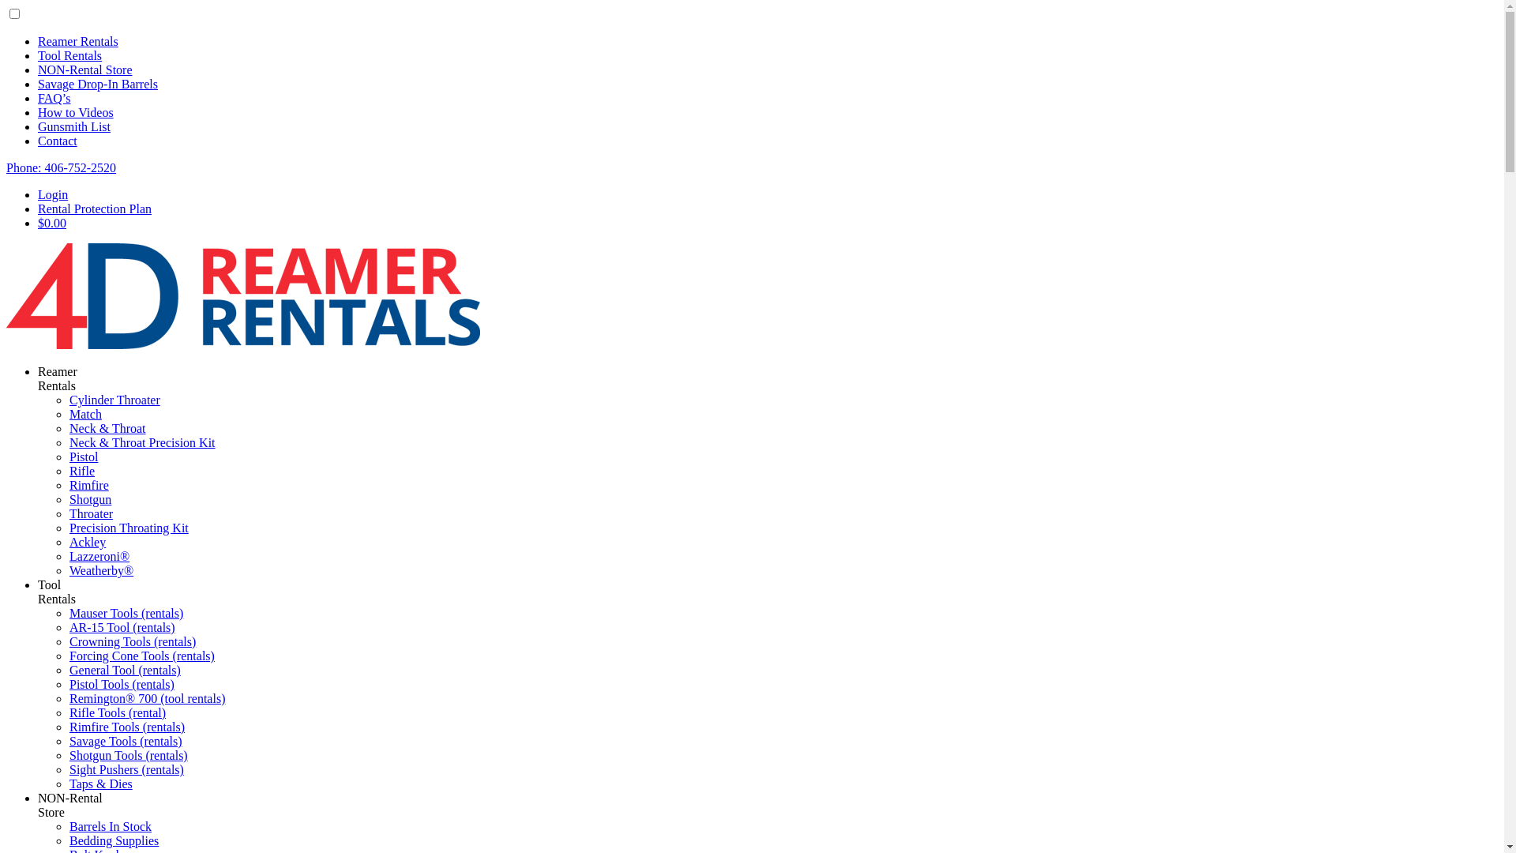 The width and height of the screenshot is (1516, 853). Describe the element at coordinates (68, 727) in the screenshot. I see `'Rimfire Tools (rentals)'` at that location.